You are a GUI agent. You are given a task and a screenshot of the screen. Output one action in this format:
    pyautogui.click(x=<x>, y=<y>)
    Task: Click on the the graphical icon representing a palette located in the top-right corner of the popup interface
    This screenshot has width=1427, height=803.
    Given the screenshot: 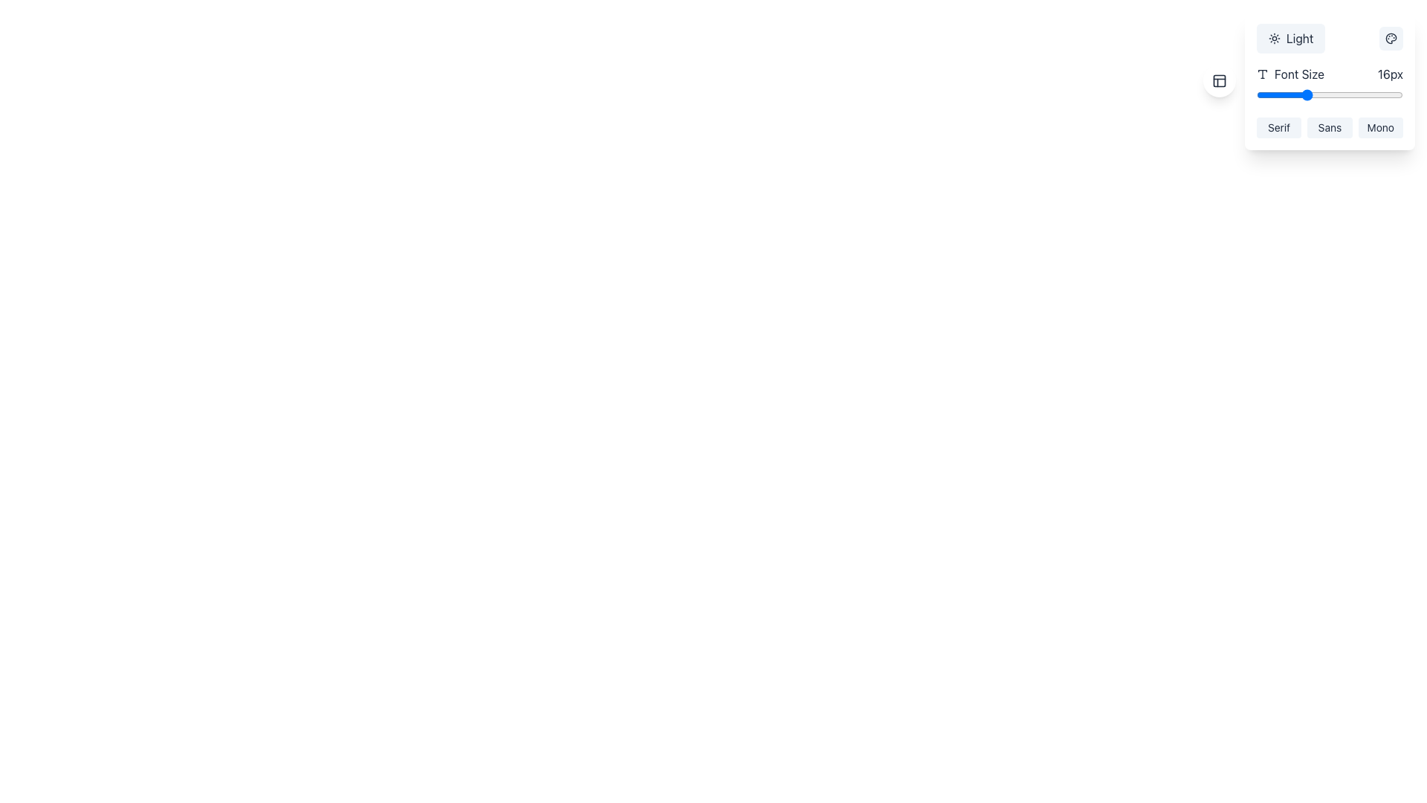 What is the action you would take?
    pyautogui.click(x=1391, y=37)
    